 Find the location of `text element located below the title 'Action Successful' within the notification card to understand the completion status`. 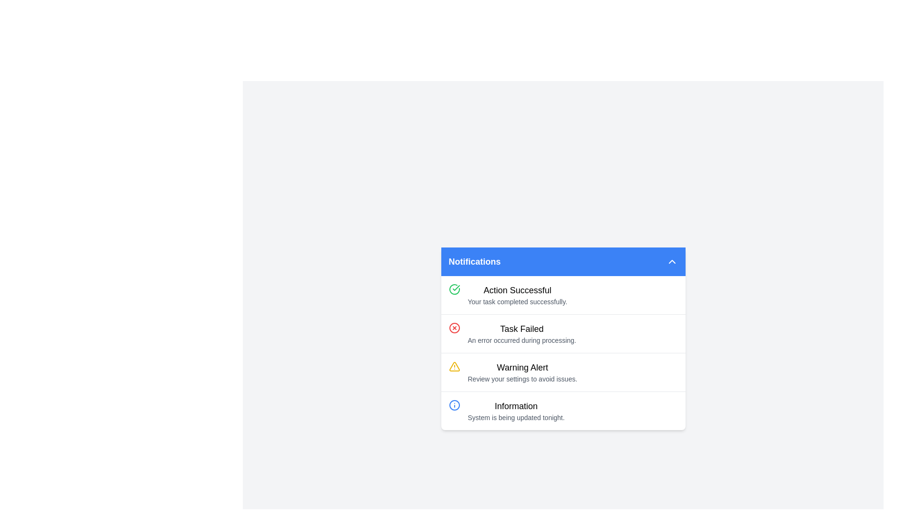

text element located below the title 'Action Successful' within the notification card to understand the completion status is located at coordinates (517, 301).